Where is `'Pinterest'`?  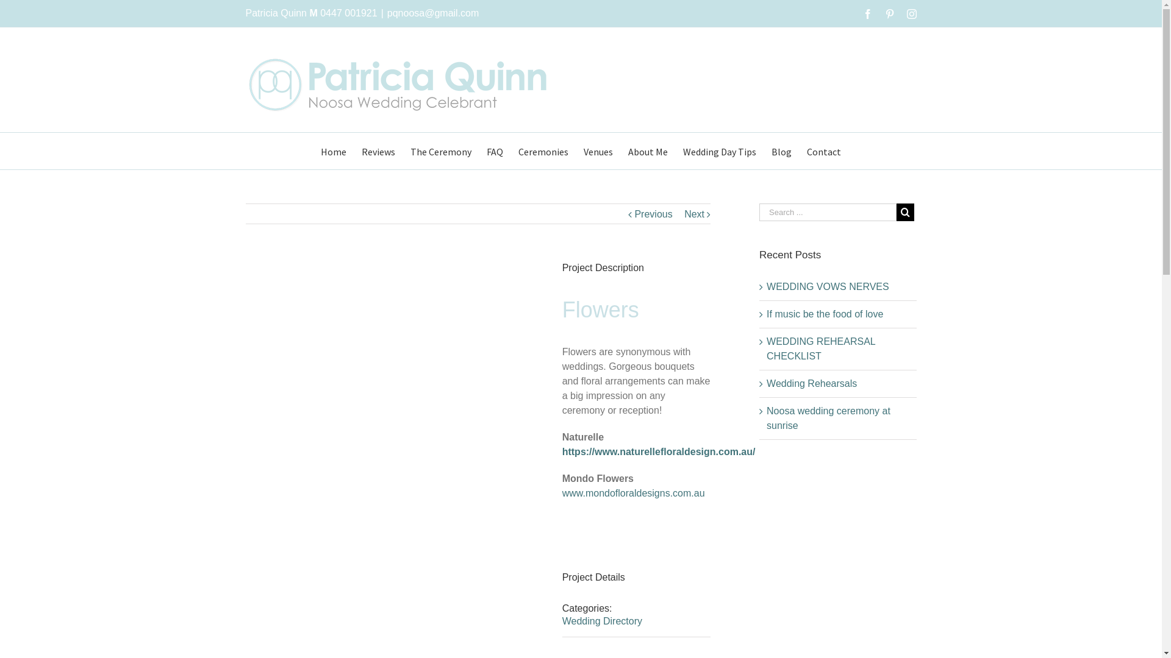
'Pinterest' is located at coordinates (889, 14).